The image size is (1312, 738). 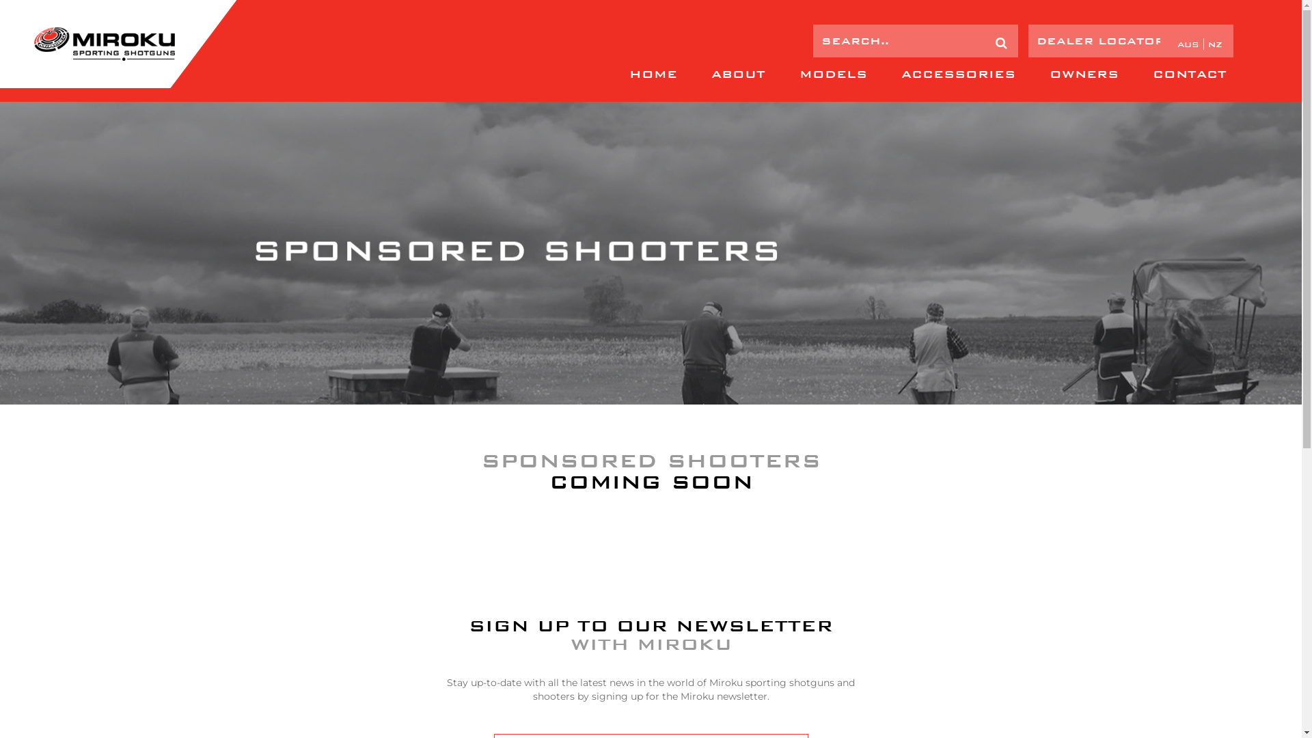 I want to click on 'aus', so click(x=1173, y=43).